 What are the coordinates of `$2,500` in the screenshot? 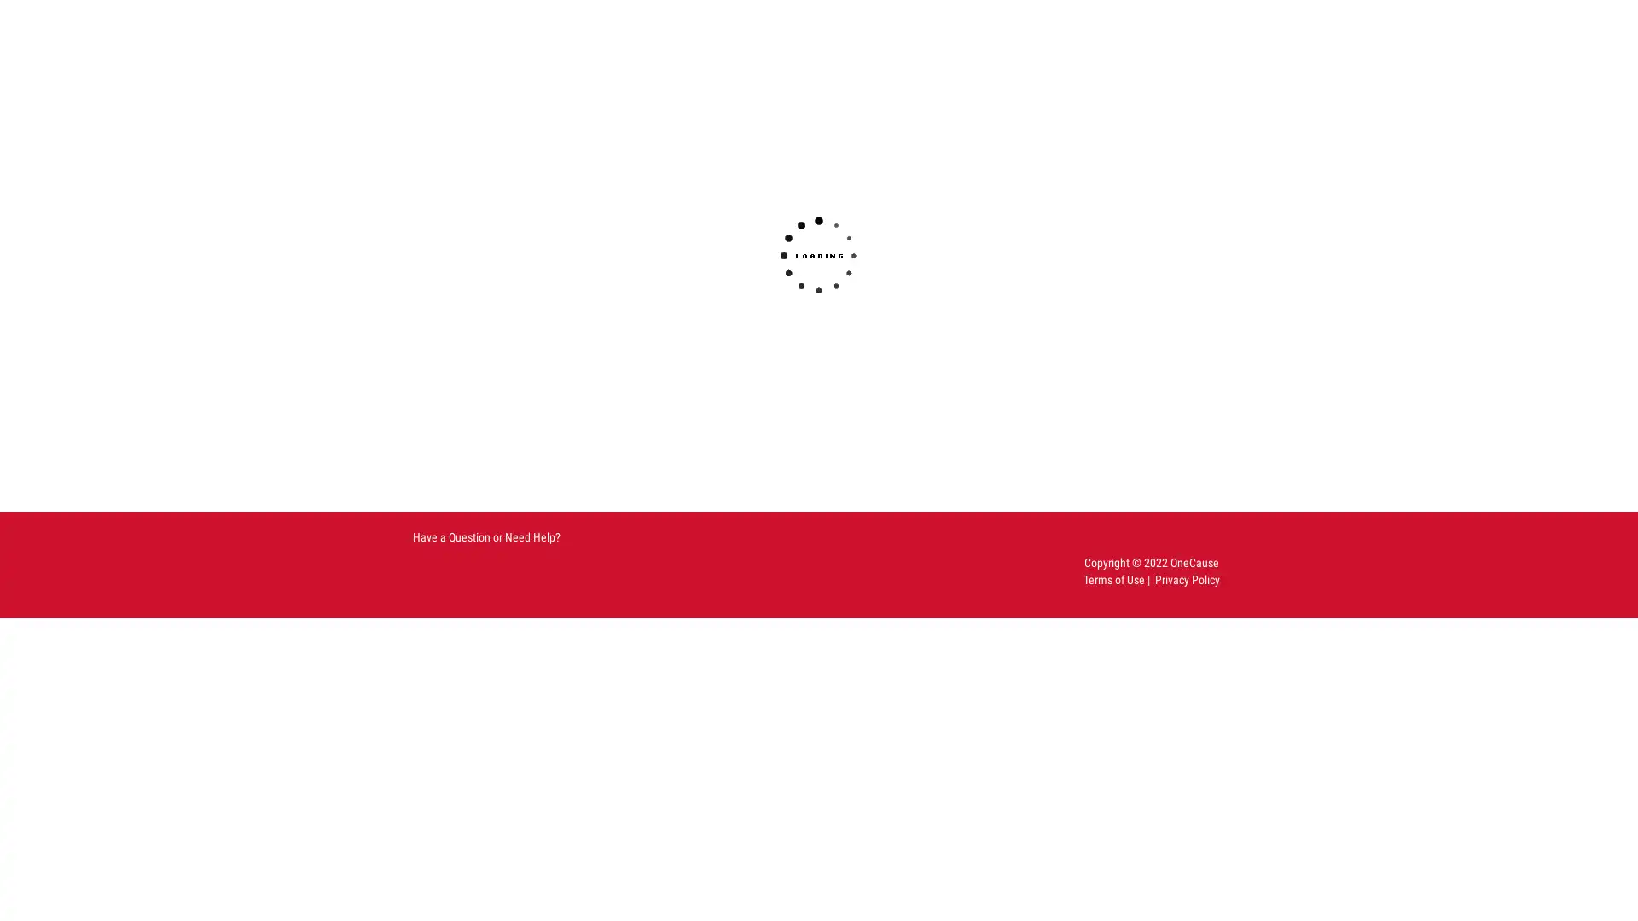 It's located at (706, 287).